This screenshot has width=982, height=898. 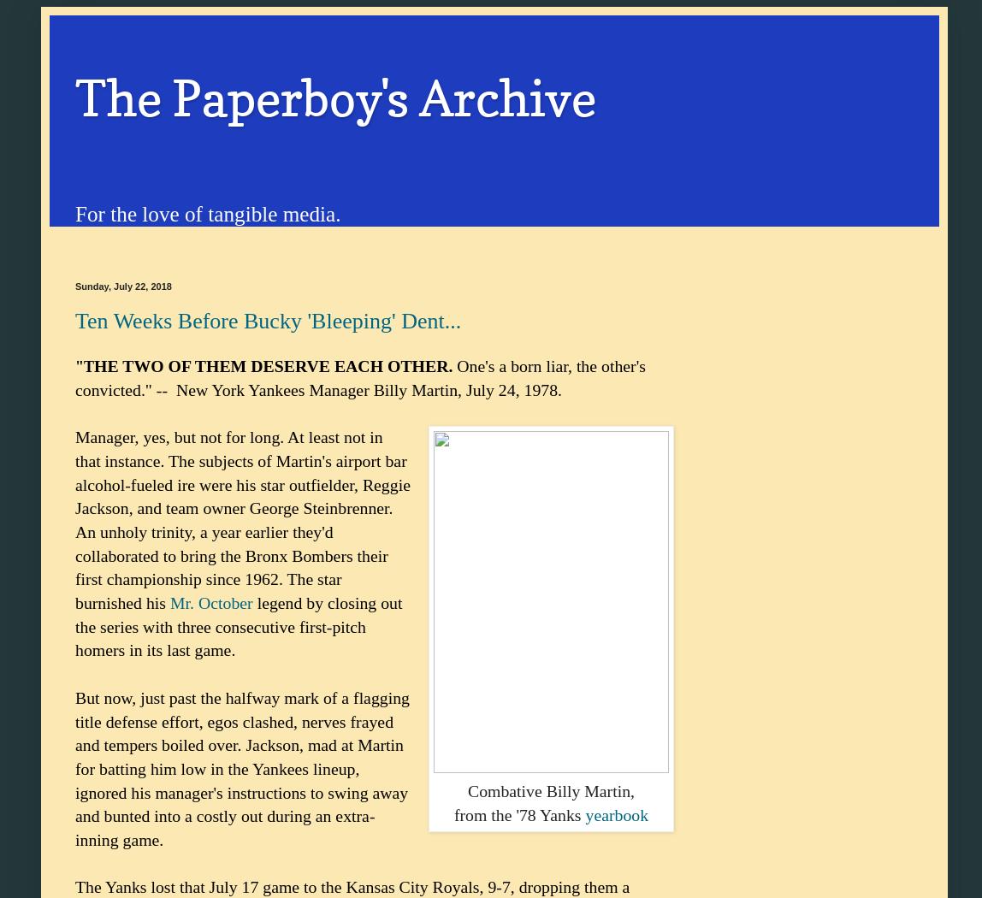 I want to click on 'Sunday, July 22, 2018', so click(x=75, y=286).